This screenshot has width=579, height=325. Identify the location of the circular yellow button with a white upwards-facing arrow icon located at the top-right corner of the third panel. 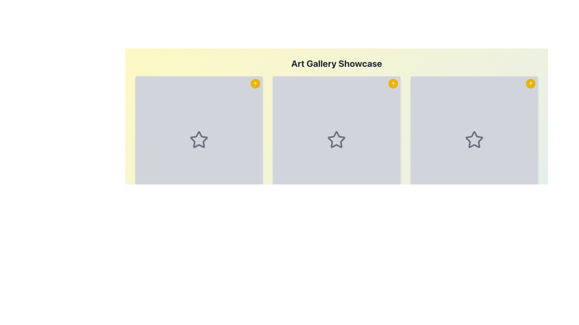
(531, 83).